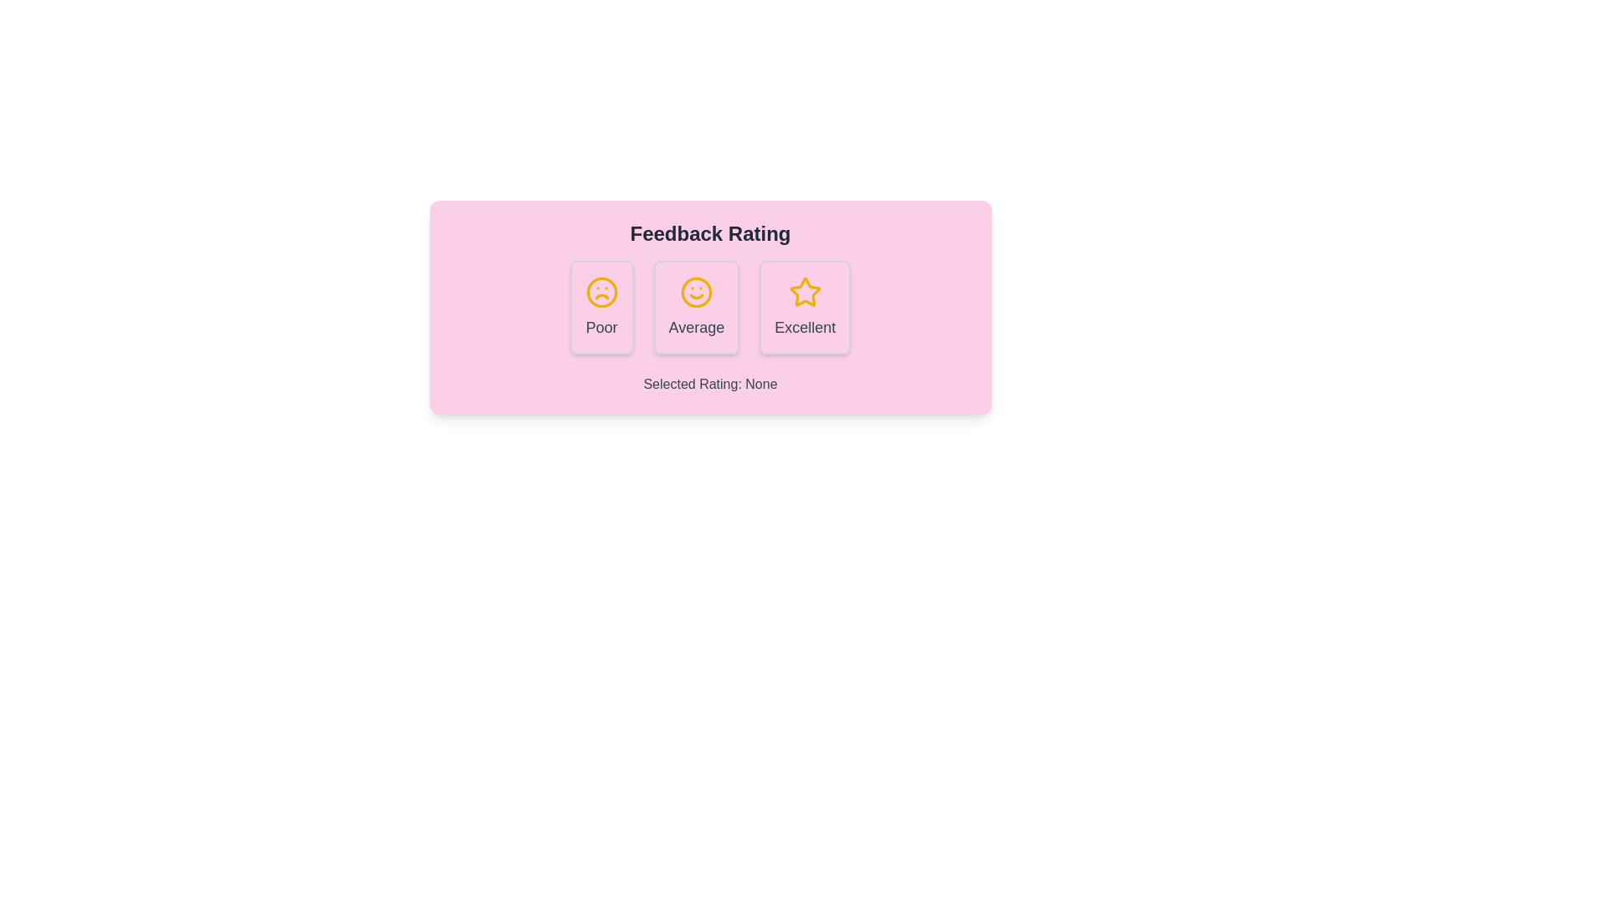 The image size is (1606, 903). Describe the element at coordinates (601, 307) in the screenshot. I see `the interactive button labeled 'Poor' which features a yellow frown face icon` at that location.